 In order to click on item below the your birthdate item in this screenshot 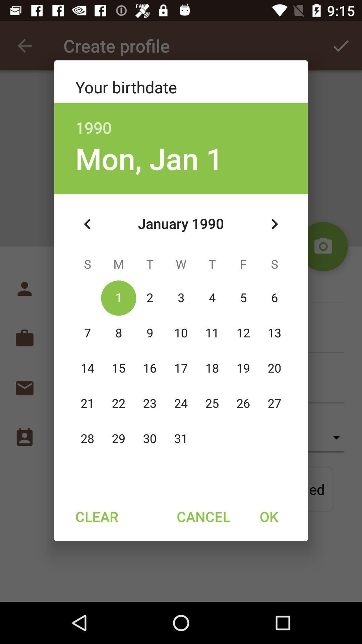, I will do `click(181, 120)`.